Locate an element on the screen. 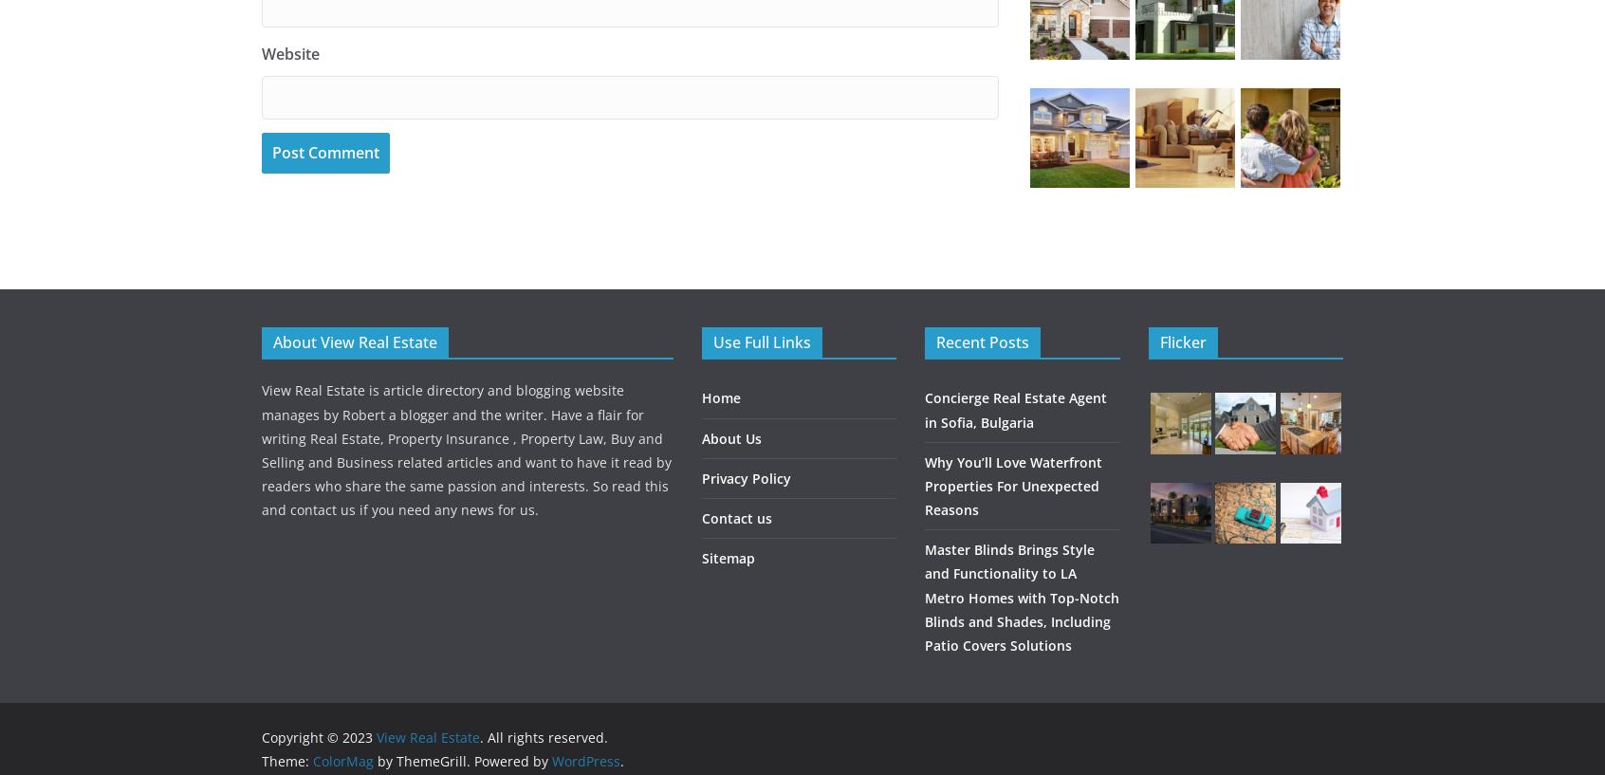  'Concierge Real Estate Agent in Sofia, Bulgaria' is located at coordinates (1016, 410).